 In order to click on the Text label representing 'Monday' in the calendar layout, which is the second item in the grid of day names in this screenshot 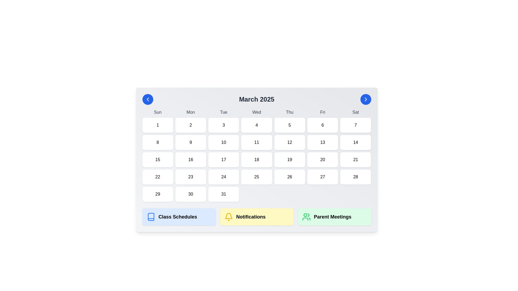, I will do `click(190, 112)`.